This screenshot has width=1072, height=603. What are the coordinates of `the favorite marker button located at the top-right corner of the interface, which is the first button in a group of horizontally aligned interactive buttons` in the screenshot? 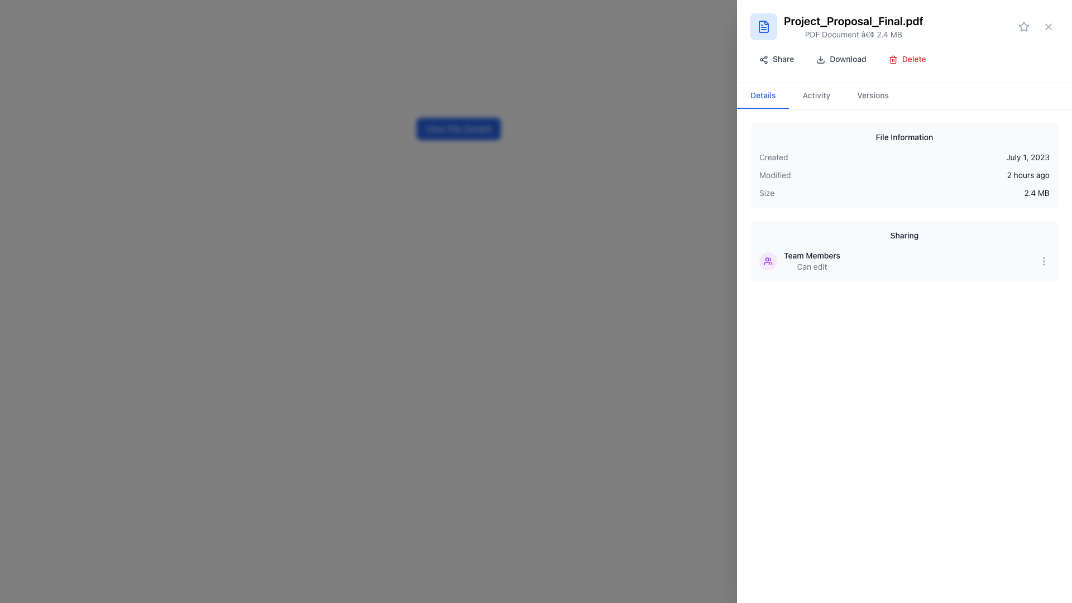 It's located at (1023, 26).